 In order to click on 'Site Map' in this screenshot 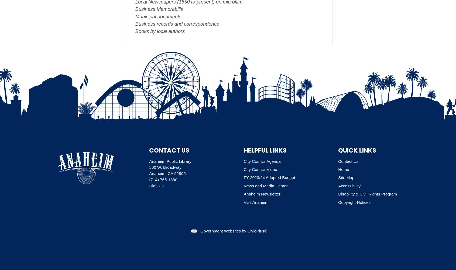, I will do `click(346, 177)`.